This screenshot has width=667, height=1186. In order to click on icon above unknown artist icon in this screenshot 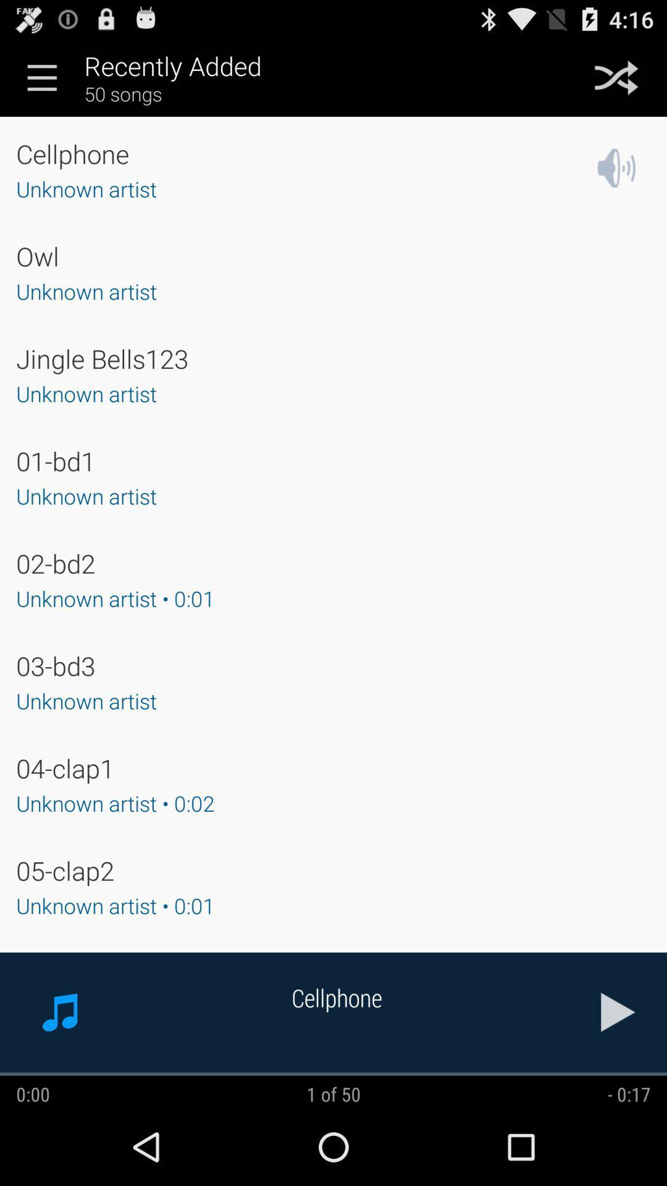, I will do `click(101, 358)`.